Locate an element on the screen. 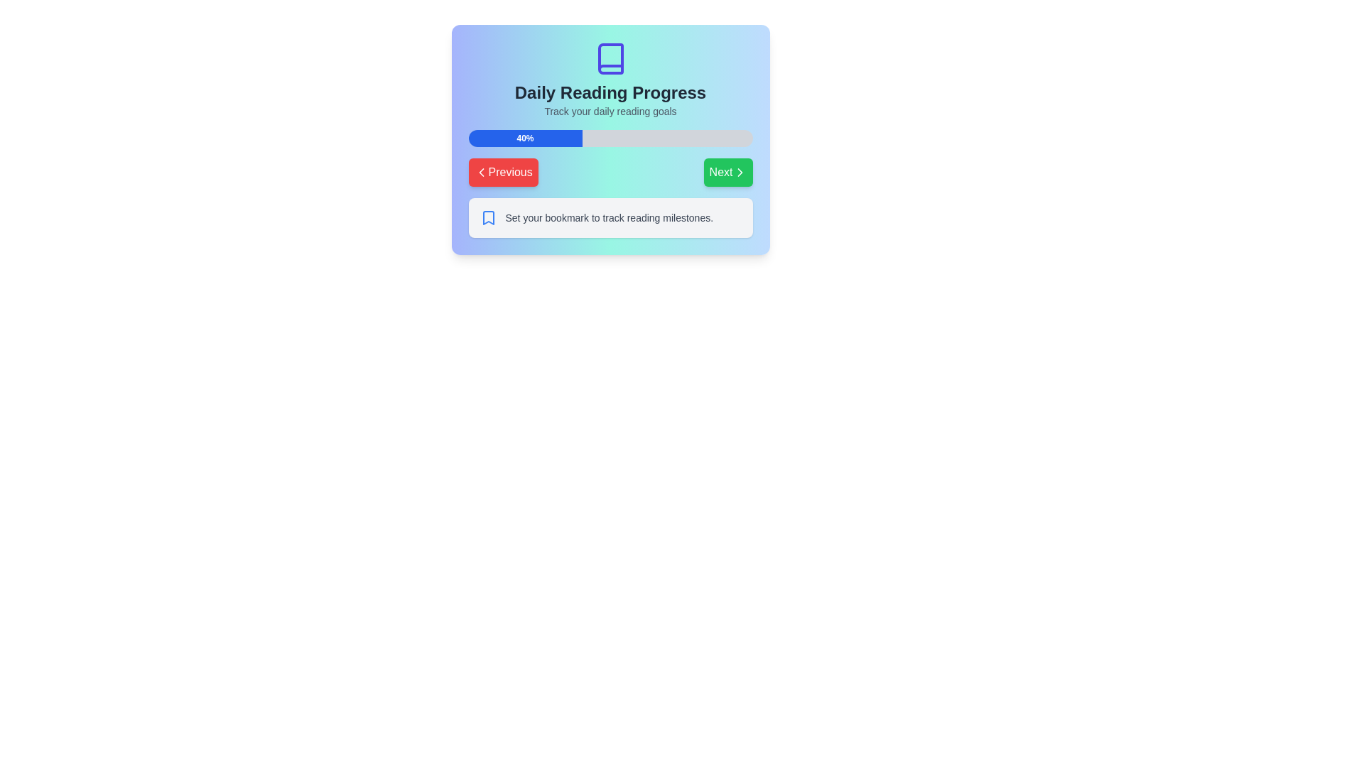 The image size is (1364, 767). the decorative icon that serves as a visual marker for bookmarks, located at the bottom part of the context interface is located at coordinates (488, 218).